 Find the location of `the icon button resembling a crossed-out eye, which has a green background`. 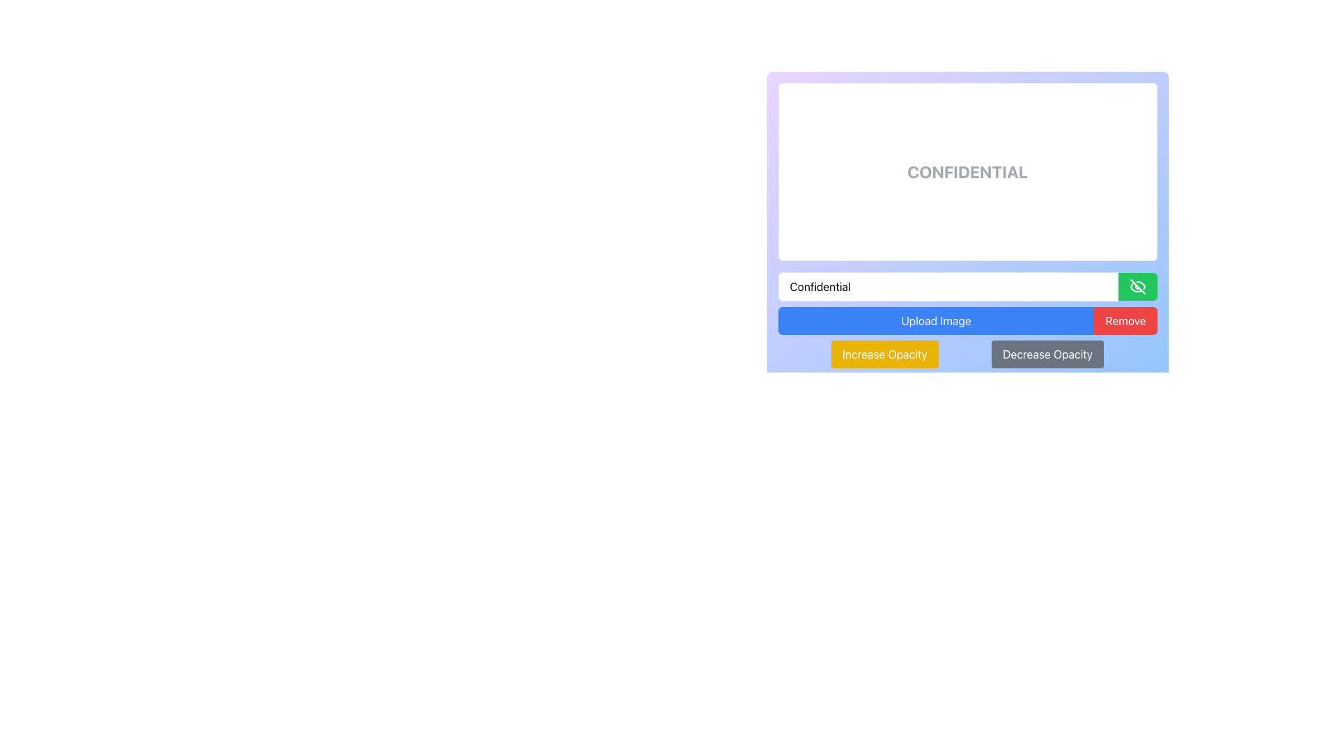

the icon button resembling a crossed-out eye, which has a green background is located at coordinates (1137, 286).